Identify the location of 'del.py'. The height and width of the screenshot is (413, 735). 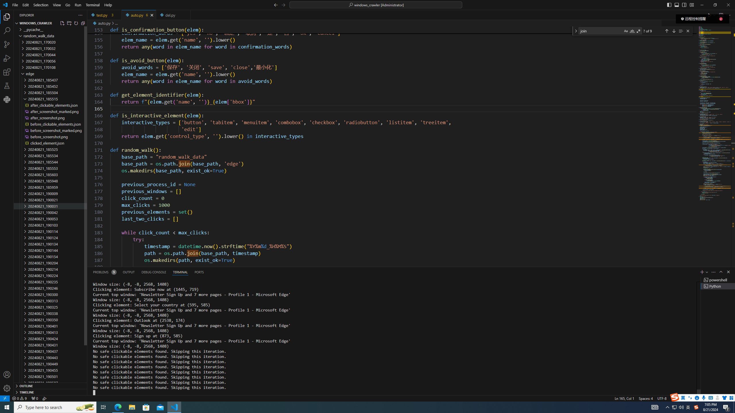
(173, 15).